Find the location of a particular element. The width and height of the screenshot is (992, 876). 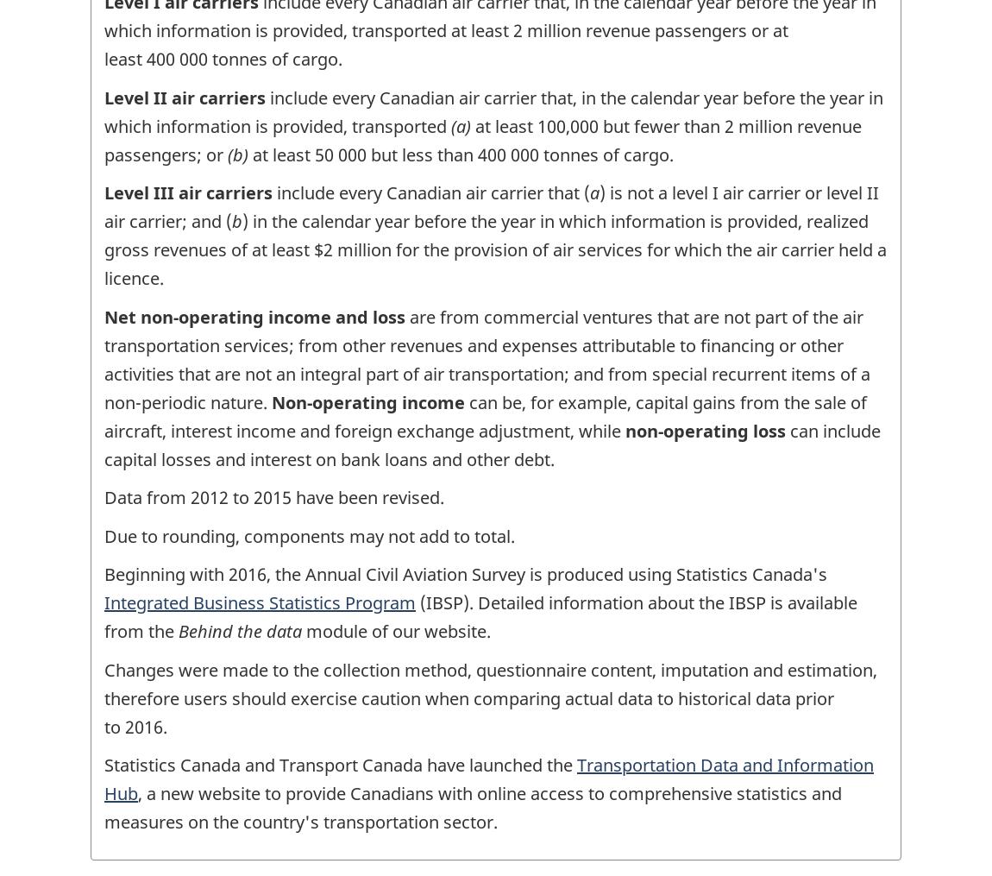

'and loss' is located at coordinates (336, 316).